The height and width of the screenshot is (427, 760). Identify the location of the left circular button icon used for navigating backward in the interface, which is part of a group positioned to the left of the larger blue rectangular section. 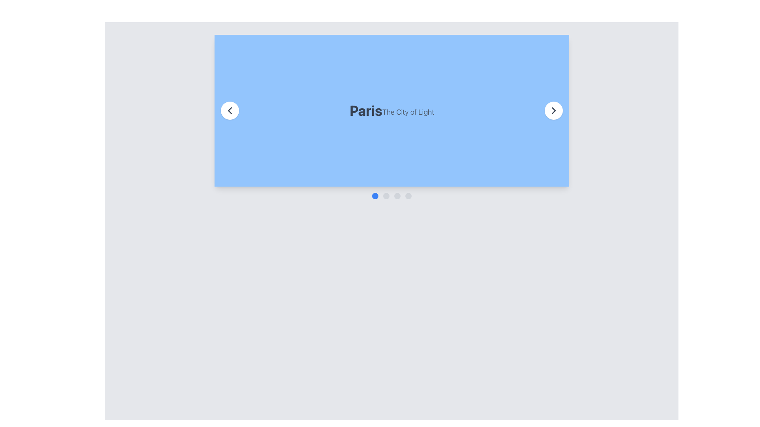
(229, 111).